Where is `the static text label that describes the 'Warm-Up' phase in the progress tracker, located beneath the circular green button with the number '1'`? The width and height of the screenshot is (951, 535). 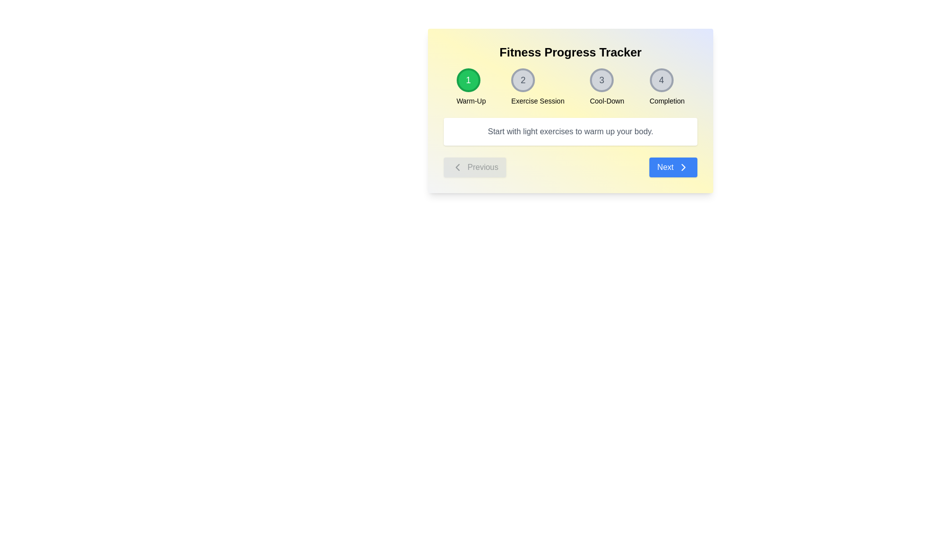 the static text label that describes the 'Warm-Up' phase in the progress tracker, located beneath the circular green button with the number '1' is located at coordinates (471, 101).